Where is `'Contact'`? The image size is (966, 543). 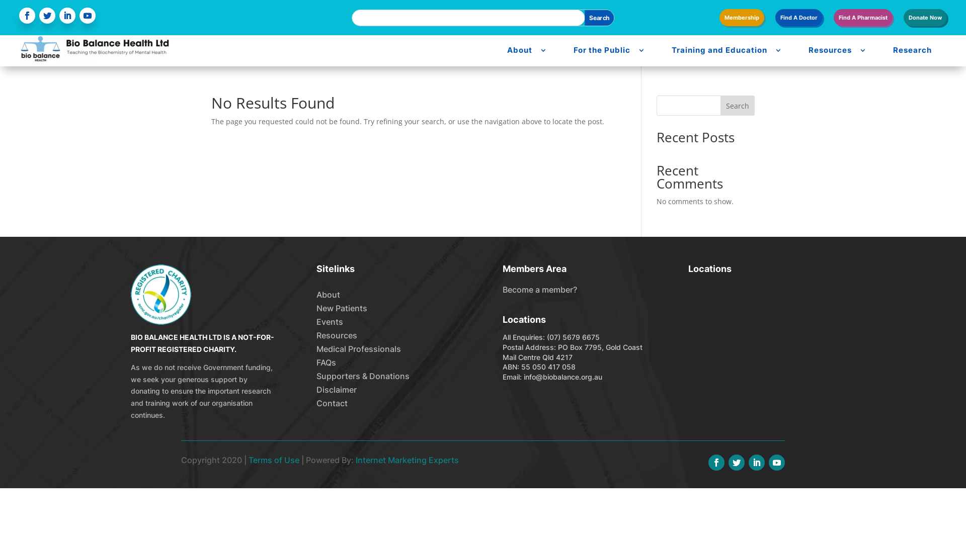 'Contact' is located at coordinates (332, 403).